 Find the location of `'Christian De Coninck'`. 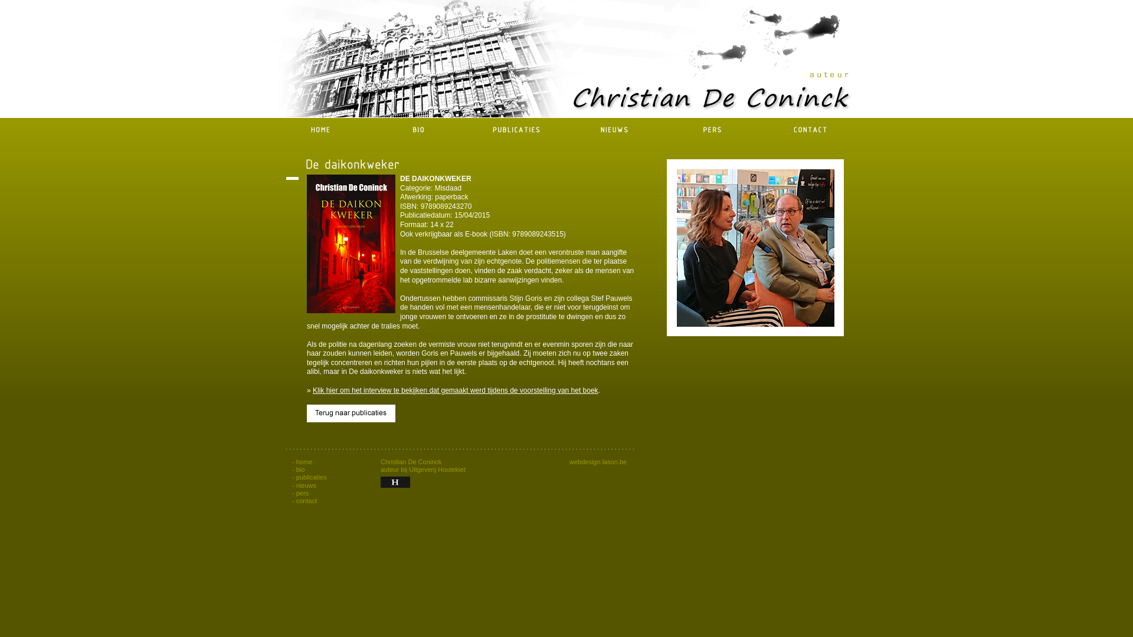

'Christian De Coninck' is located at coordinates (666, 247).